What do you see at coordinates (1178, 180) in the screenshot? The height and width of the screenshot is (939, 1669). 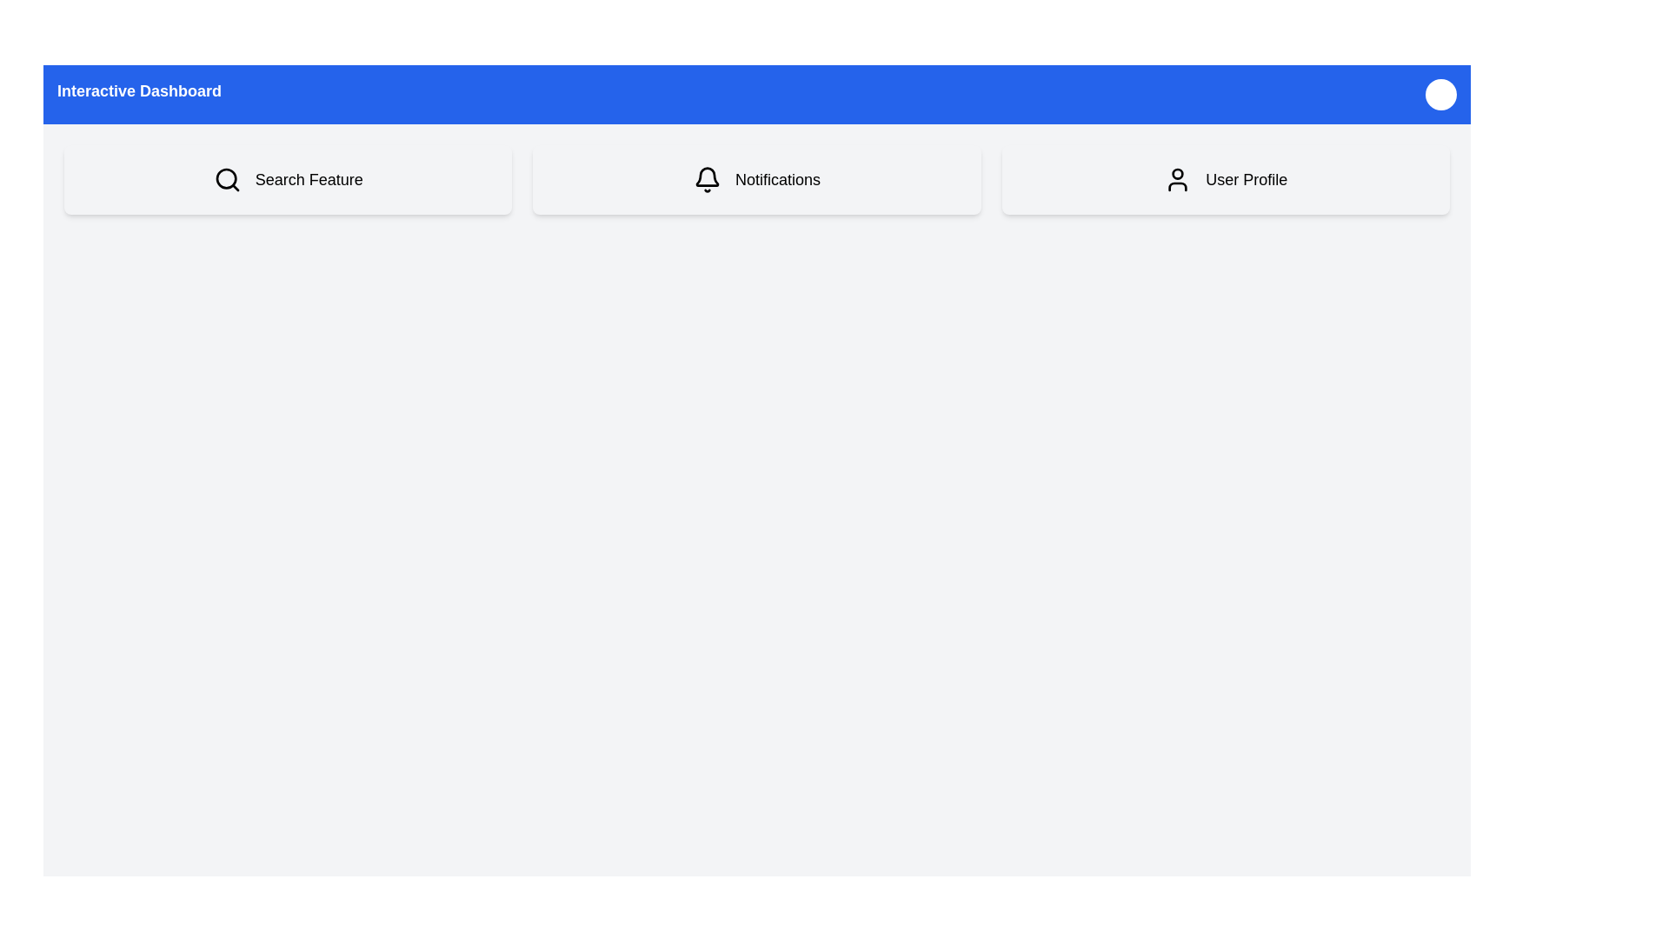 I see `the 'User Profile' icon that represents the 'User Profile' section in the application interface, located in the third card towards the right-hand side` at bounding box center [1178, 180].